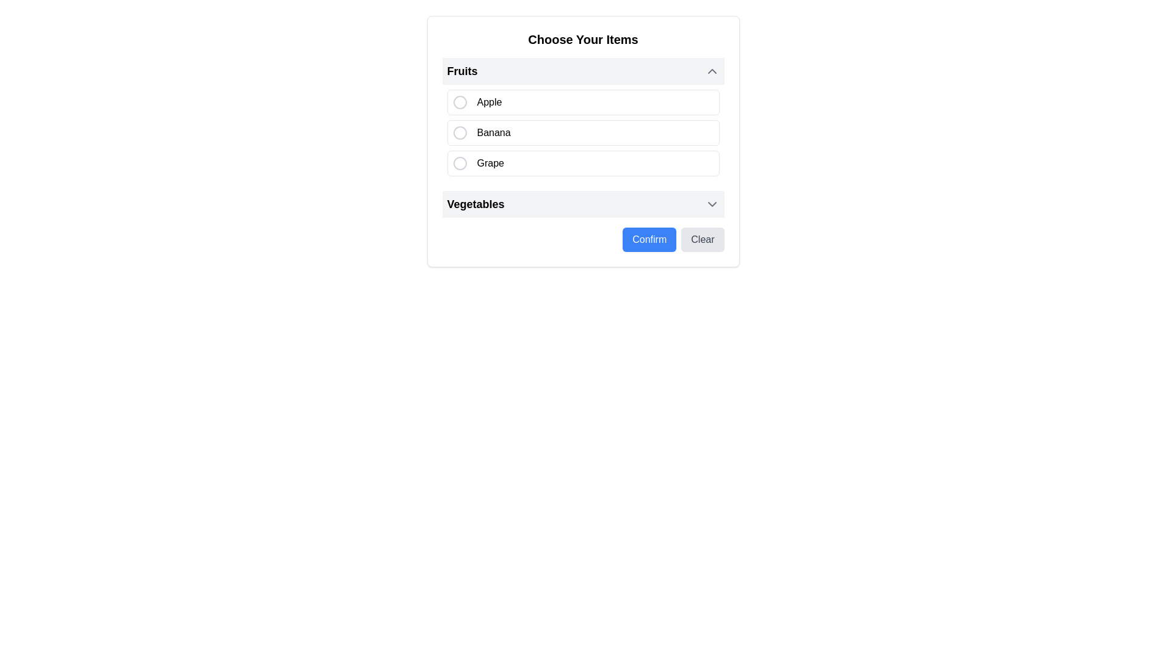  What do you see at coordinates (582, 102) in the screenshot?
I see `the clickable list item for 'Apple', which includes a radio button and is positioned at the top of the fruits list` at bounding box center [582, 102].